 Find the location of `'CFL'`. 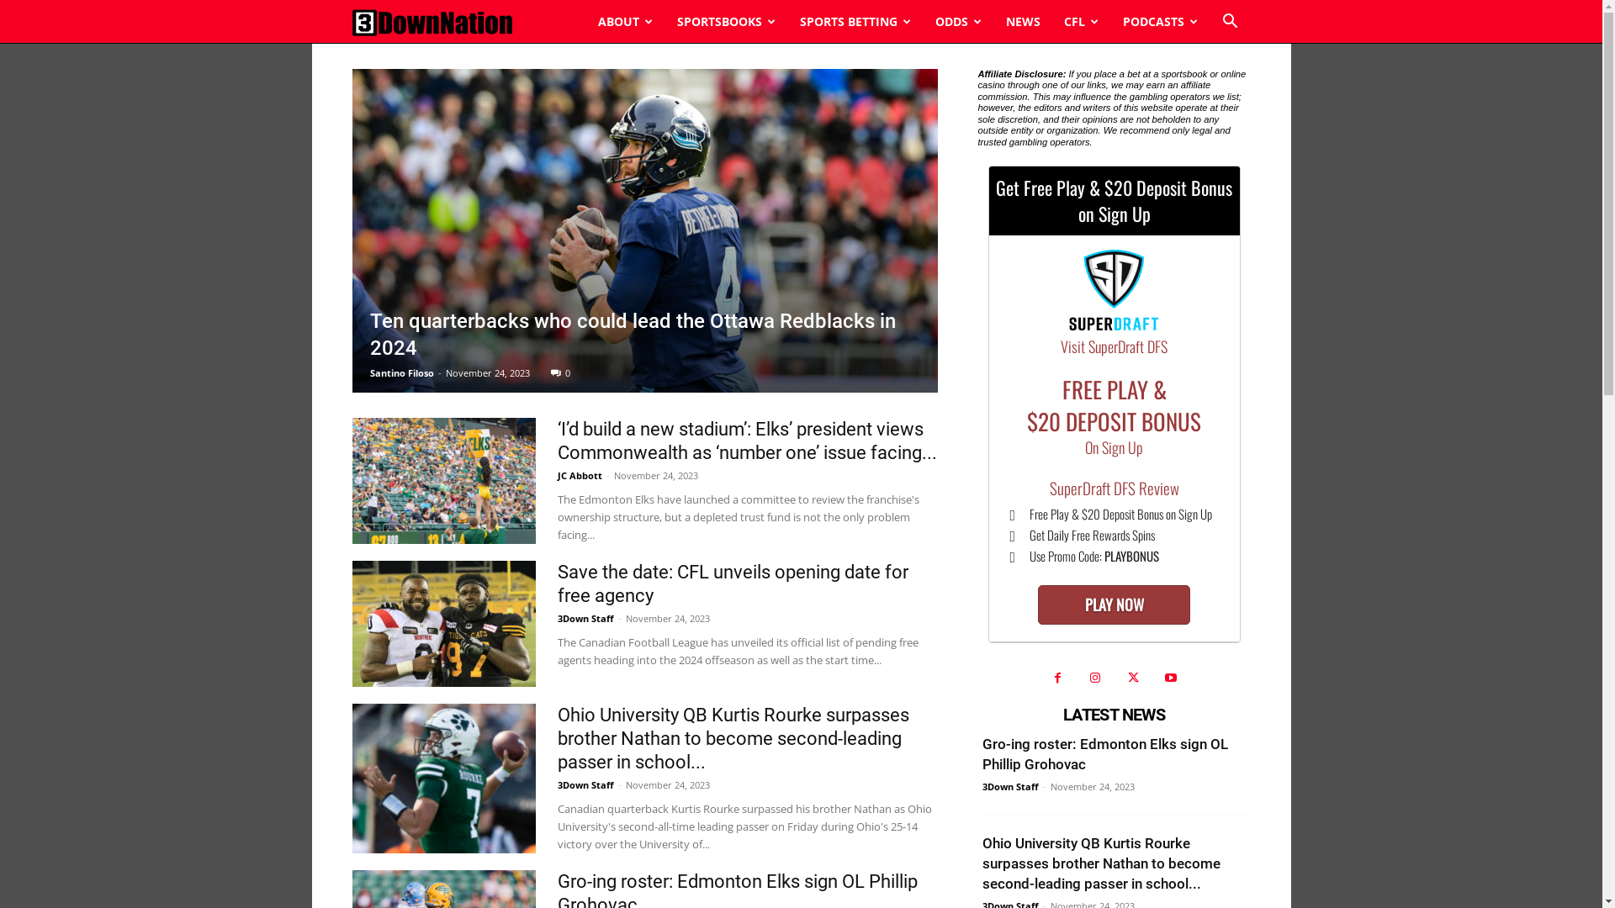

'CFL' is located at coordinates (1081, 22).